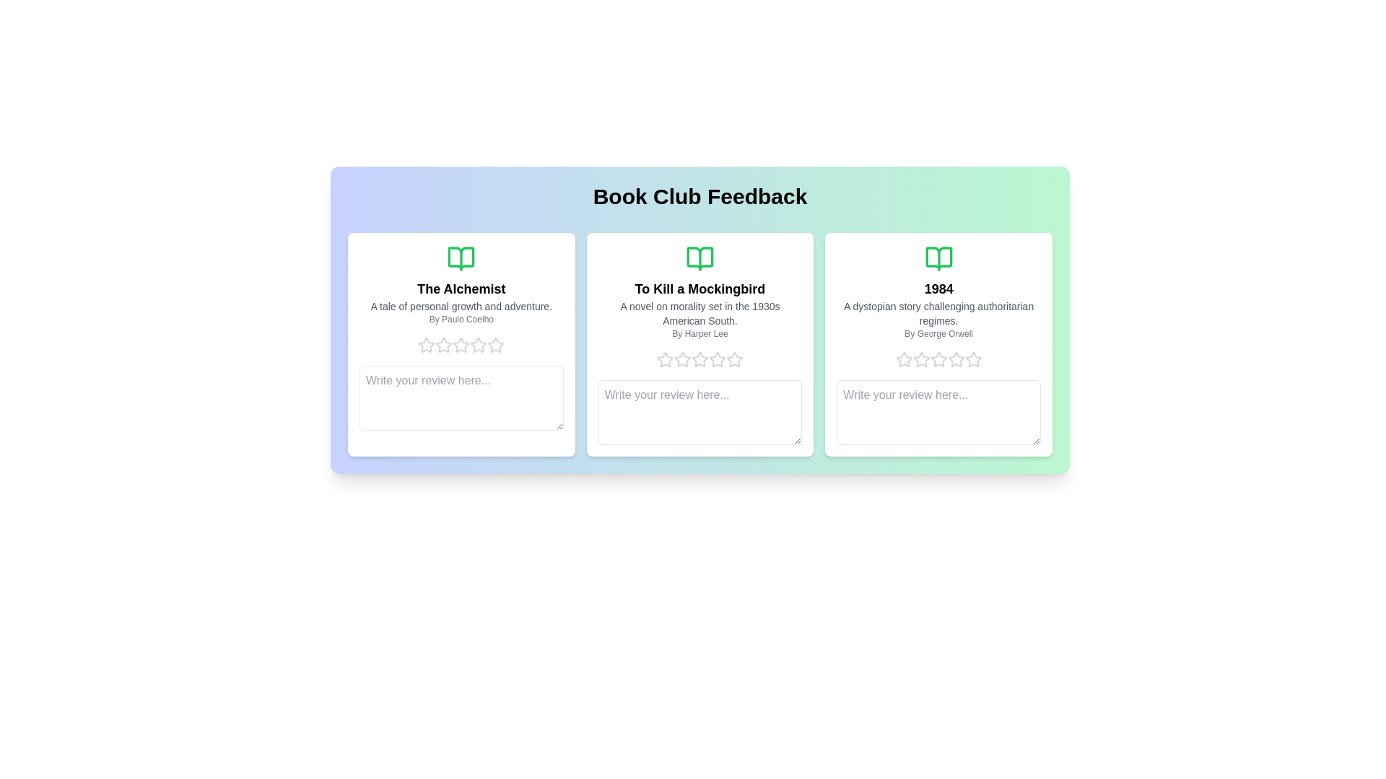 The image size is (1386, 779). Describe the element at coordinates (938, 358) in the screenshot. I see `the star icons in the Rating component for the book '1984'` at that location.